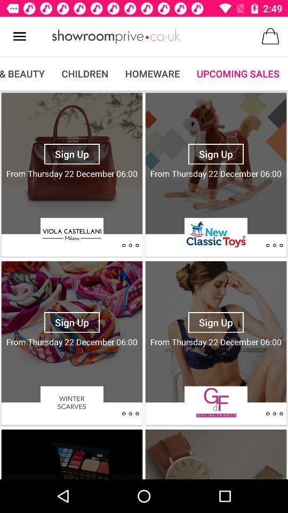 Image resolution: width=288 pixels, height=513 pixels. I want to click on click details, so click(274, 413).